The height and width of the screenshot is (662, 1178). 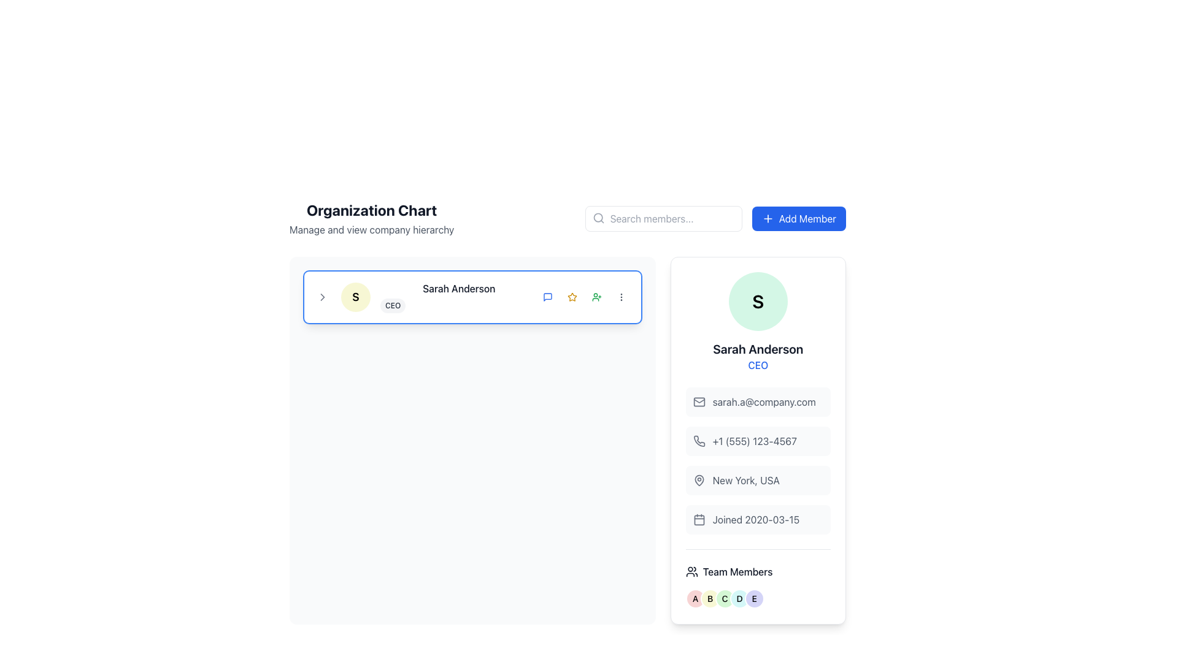 What do you see at coordinates (547, 297) in the screenshot?
I see `the blue chat bubble icon located in the central toolbar` at bounding box center [547, 297].